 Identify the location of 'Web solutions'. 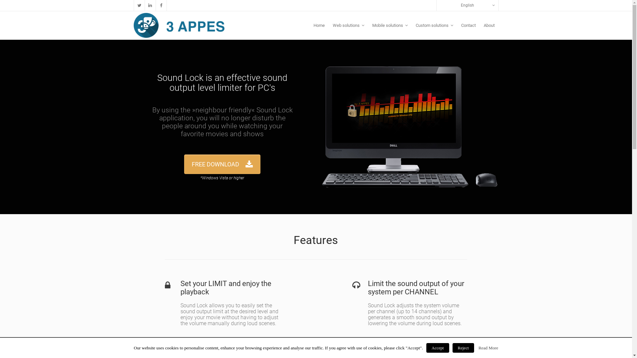
(348, 25).